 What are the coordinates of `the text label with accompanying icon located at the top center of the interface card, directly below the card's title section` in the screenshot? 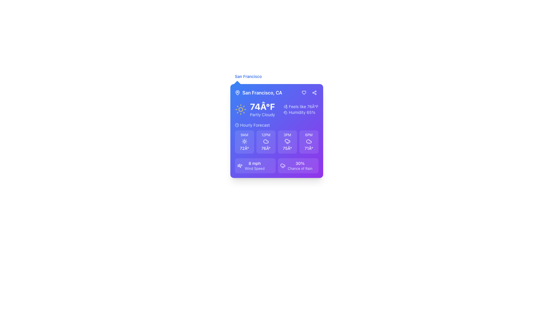 It's located at (276, 92).